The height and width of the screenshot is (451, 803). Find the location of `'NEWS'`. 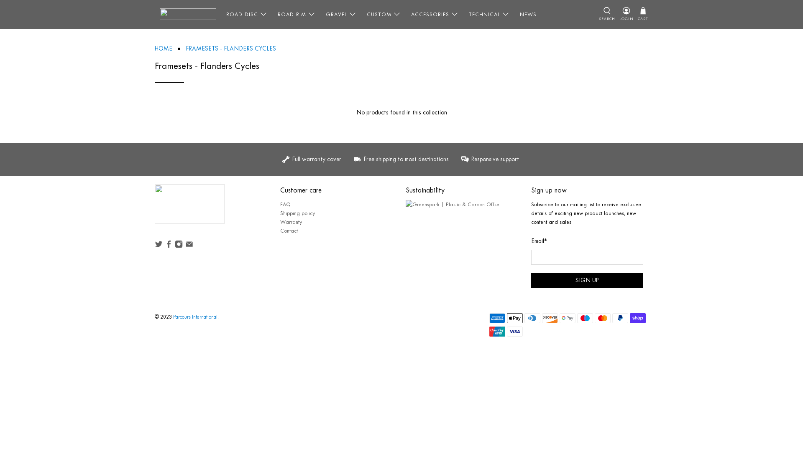

'NEWS' is located at coordinates (527, 14).